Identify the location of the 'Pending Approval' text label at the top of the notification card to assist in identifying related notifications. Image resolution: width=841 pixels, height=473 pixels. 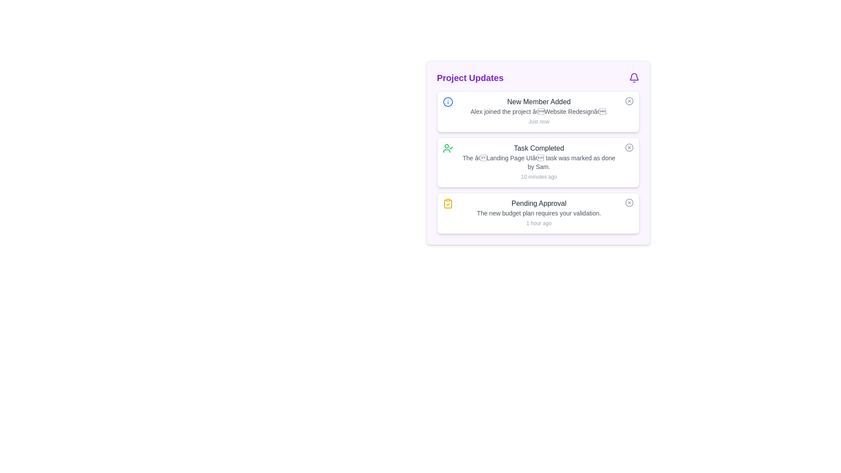
(538, 204).